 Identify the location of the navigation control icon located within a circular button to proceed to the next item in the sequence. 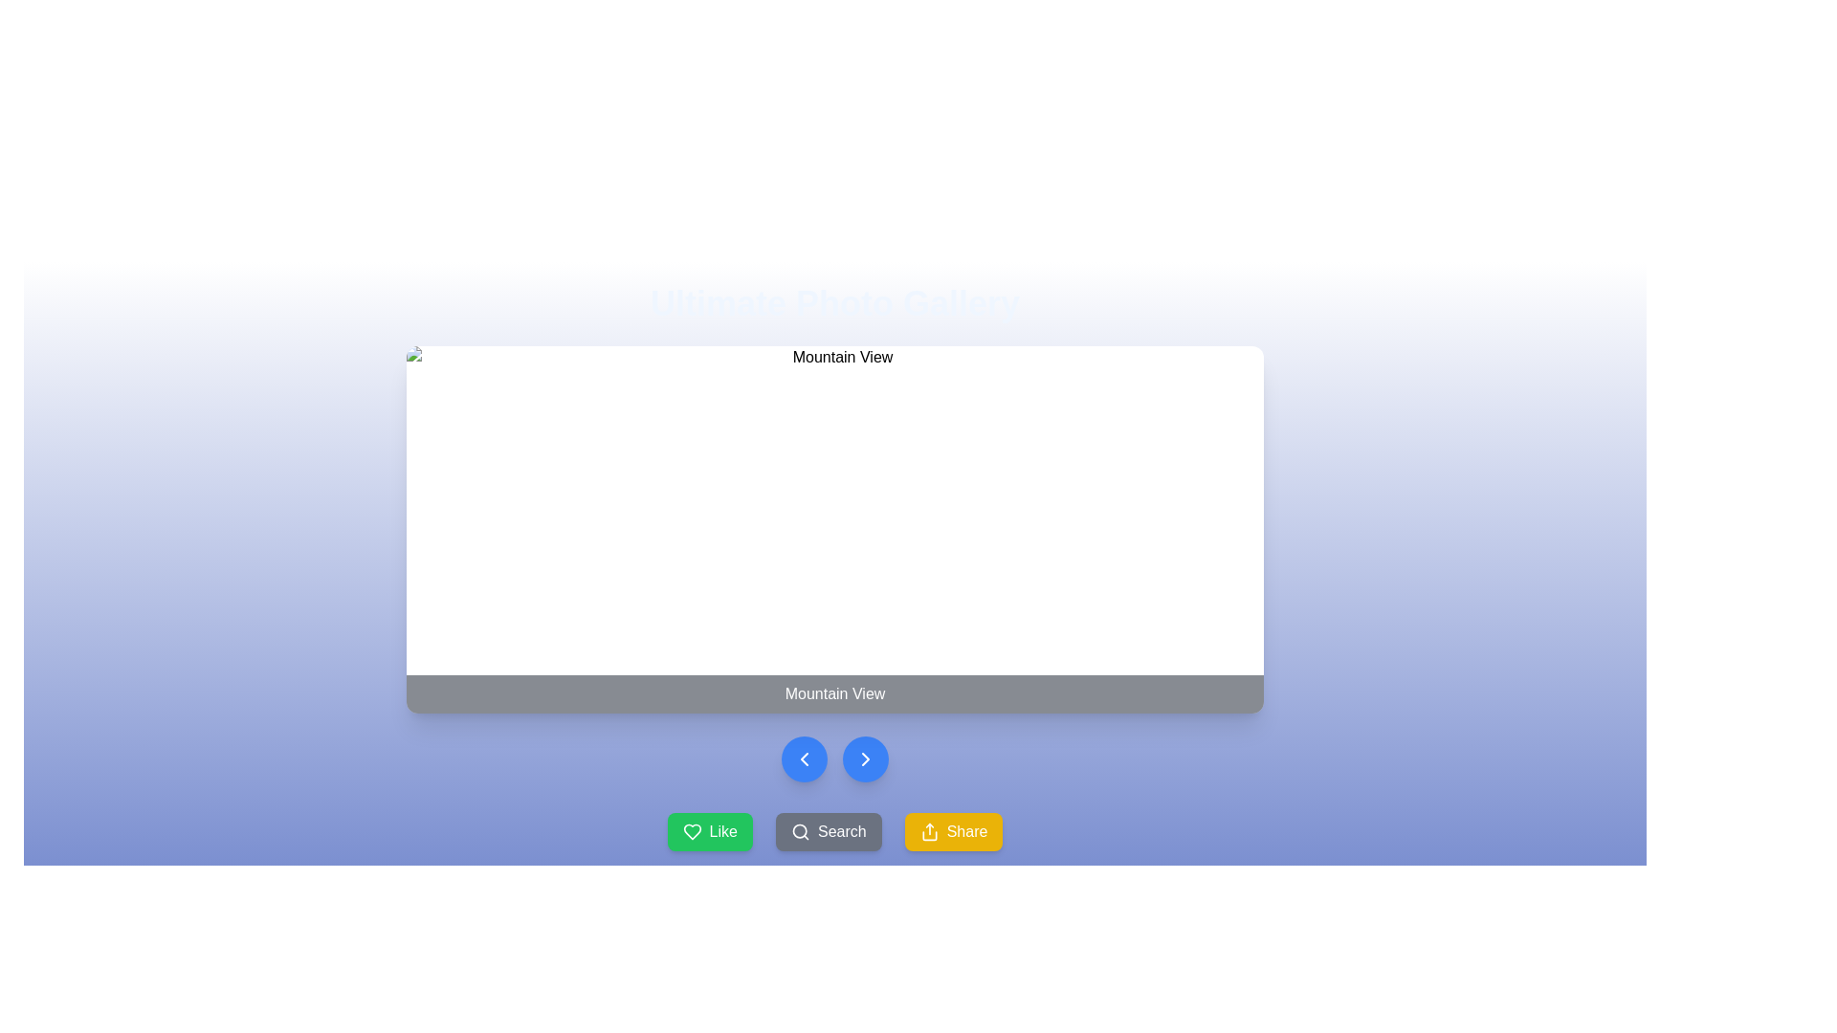
(865, 758).